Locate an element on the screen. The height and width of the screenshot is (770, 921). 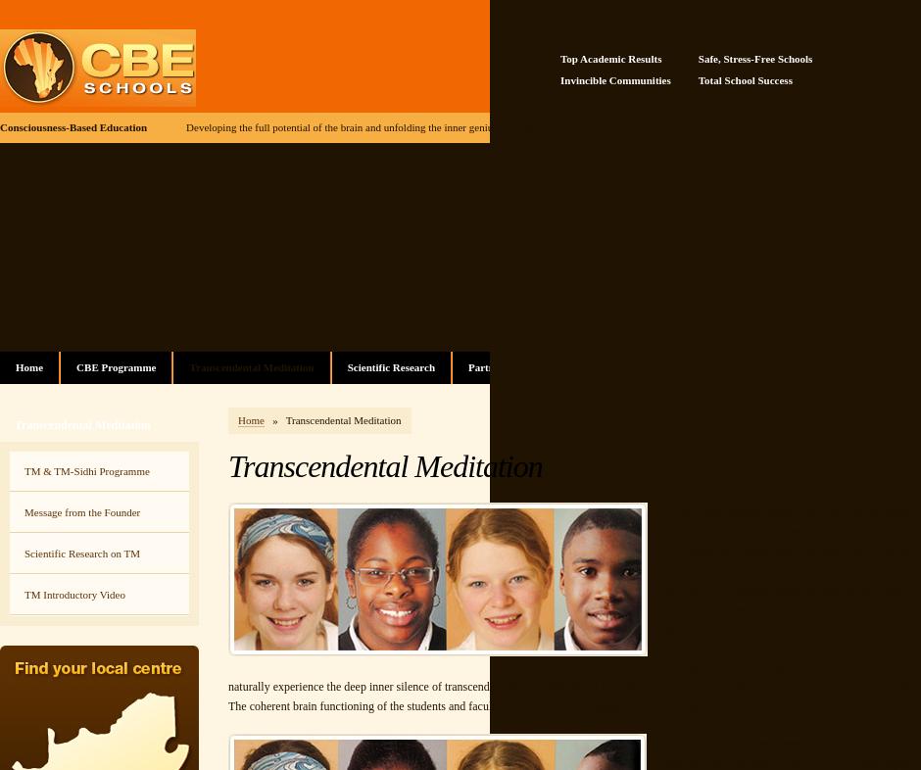
'Home' is located at coordinates (250, 418).